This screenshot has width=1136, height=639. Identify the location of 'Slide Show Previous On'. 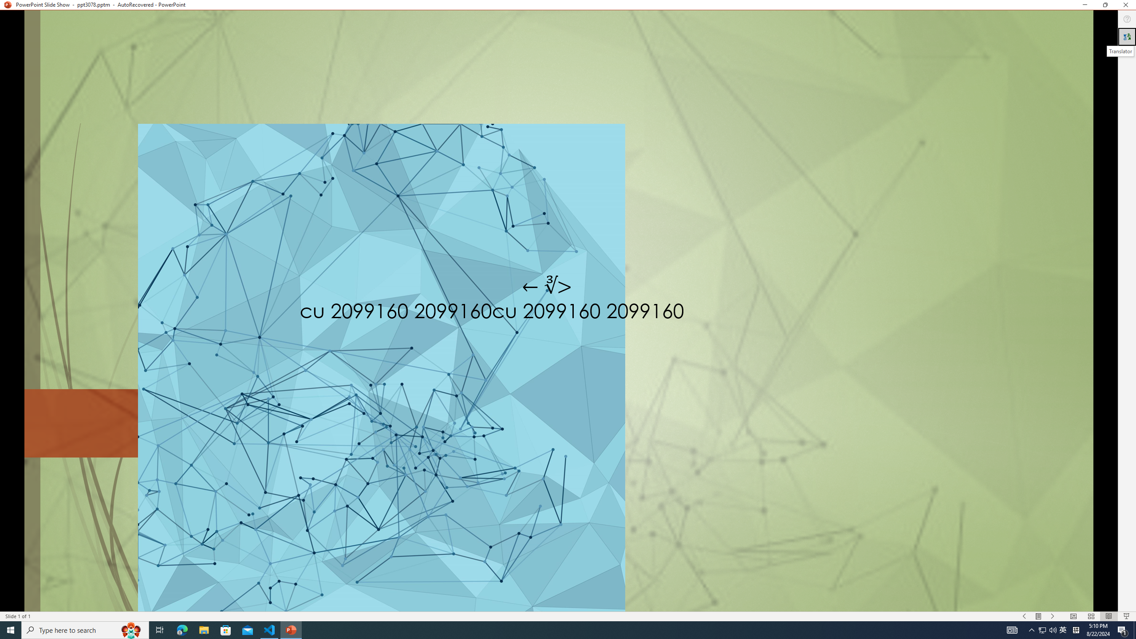
(1024, 616).